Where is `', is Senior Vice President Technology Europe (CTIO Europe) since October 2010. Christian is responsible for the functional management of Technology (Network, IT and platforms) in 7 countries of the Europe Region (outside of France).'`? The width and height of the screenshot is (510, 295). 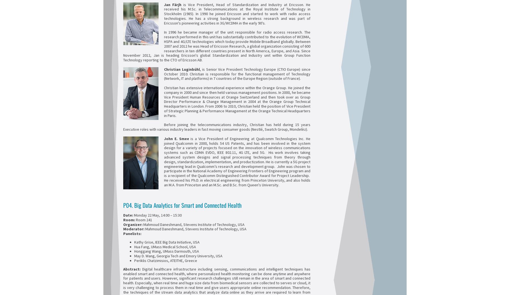 ', is Senior Vice President Technology Europe (CTIO Europe) since October 2010. Christian is responsible for the functional management of Technology (Network, IT and platforms) in 7 countries of the Europe Region (outside of France).' is located at coordinates (164, 74).